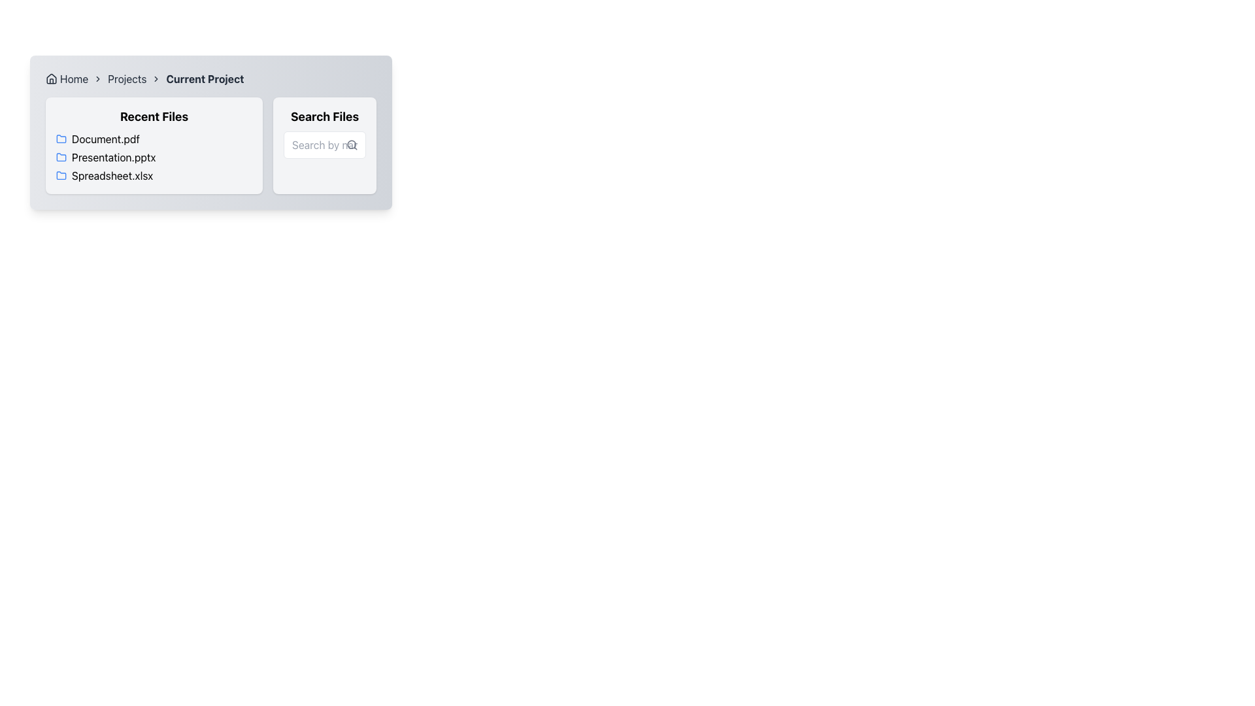 The width and height of the screenshot is (1255, 706). I want to click on the second item in the breadcrumb navigation bar, which is the link, so click(127, 78).